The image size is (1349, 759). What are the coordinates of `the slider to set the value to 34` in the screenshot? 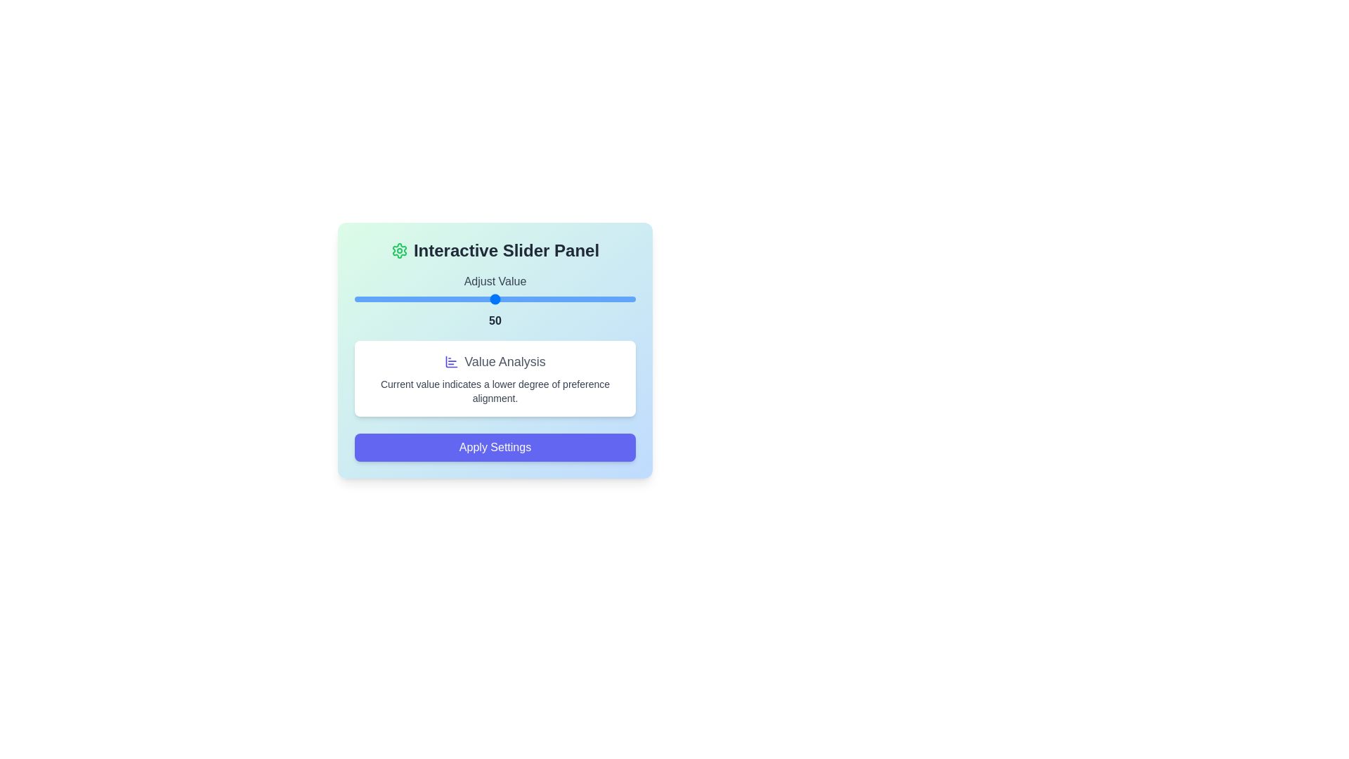 It's located at (450, 298).